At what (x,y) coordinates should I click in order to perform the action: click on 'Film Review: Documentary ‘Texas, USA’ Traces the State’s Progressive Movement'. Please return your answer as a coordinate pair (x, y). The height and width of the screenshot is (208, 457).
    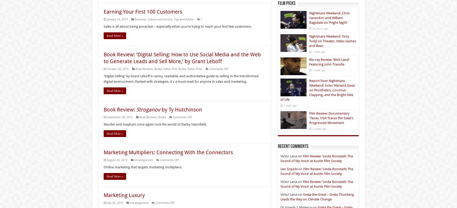
    Looking at the image, I should click on (309, 118).